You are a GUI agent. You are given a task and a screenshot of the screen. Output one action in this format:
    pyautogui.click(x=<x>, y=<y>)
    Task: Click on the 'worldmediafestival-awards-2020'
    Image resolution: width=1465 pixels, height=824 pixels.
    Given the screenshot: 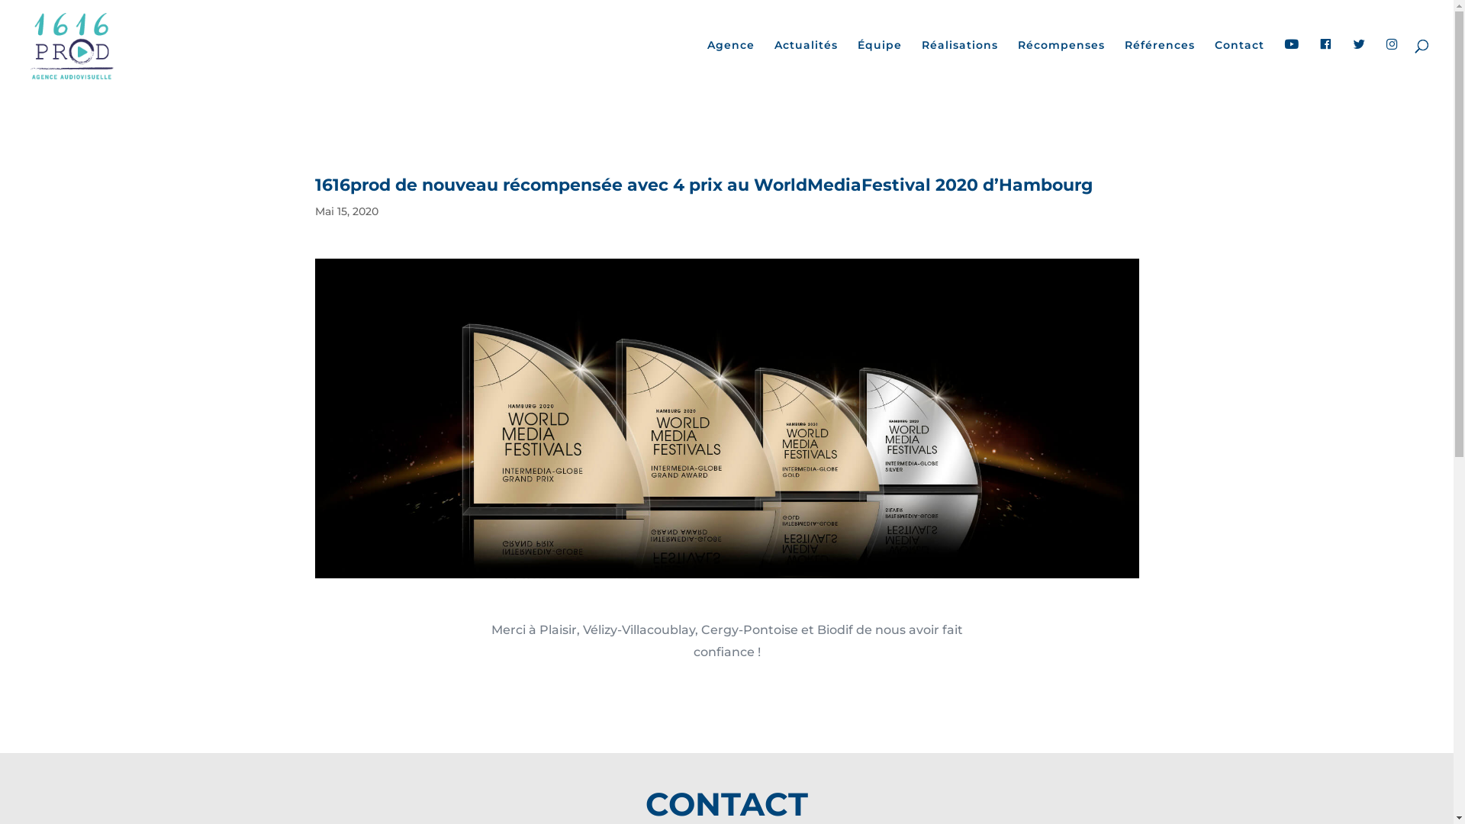 What is the action you would take?
    pyautogui.click(x=725, y=418)
    